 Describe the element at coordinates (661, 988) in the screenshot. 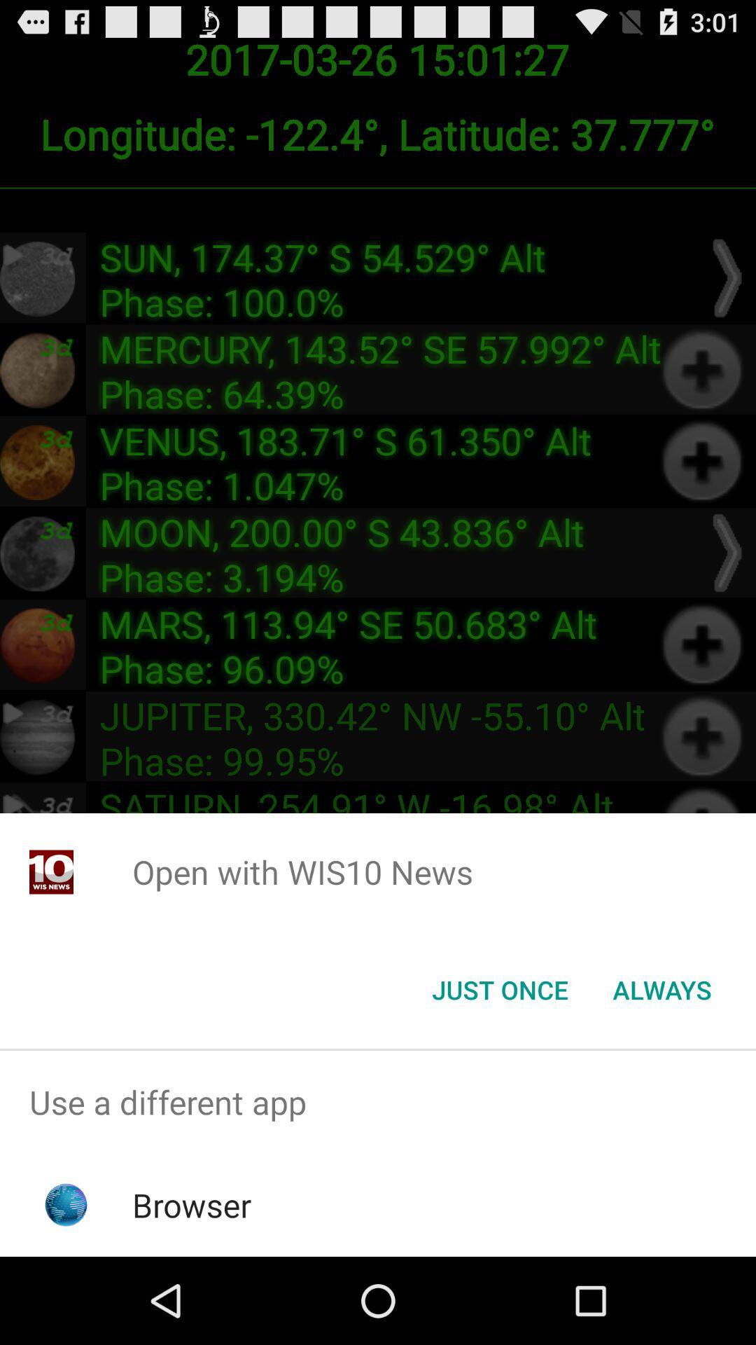

I see `the icon at the bottom right corner` at that location.